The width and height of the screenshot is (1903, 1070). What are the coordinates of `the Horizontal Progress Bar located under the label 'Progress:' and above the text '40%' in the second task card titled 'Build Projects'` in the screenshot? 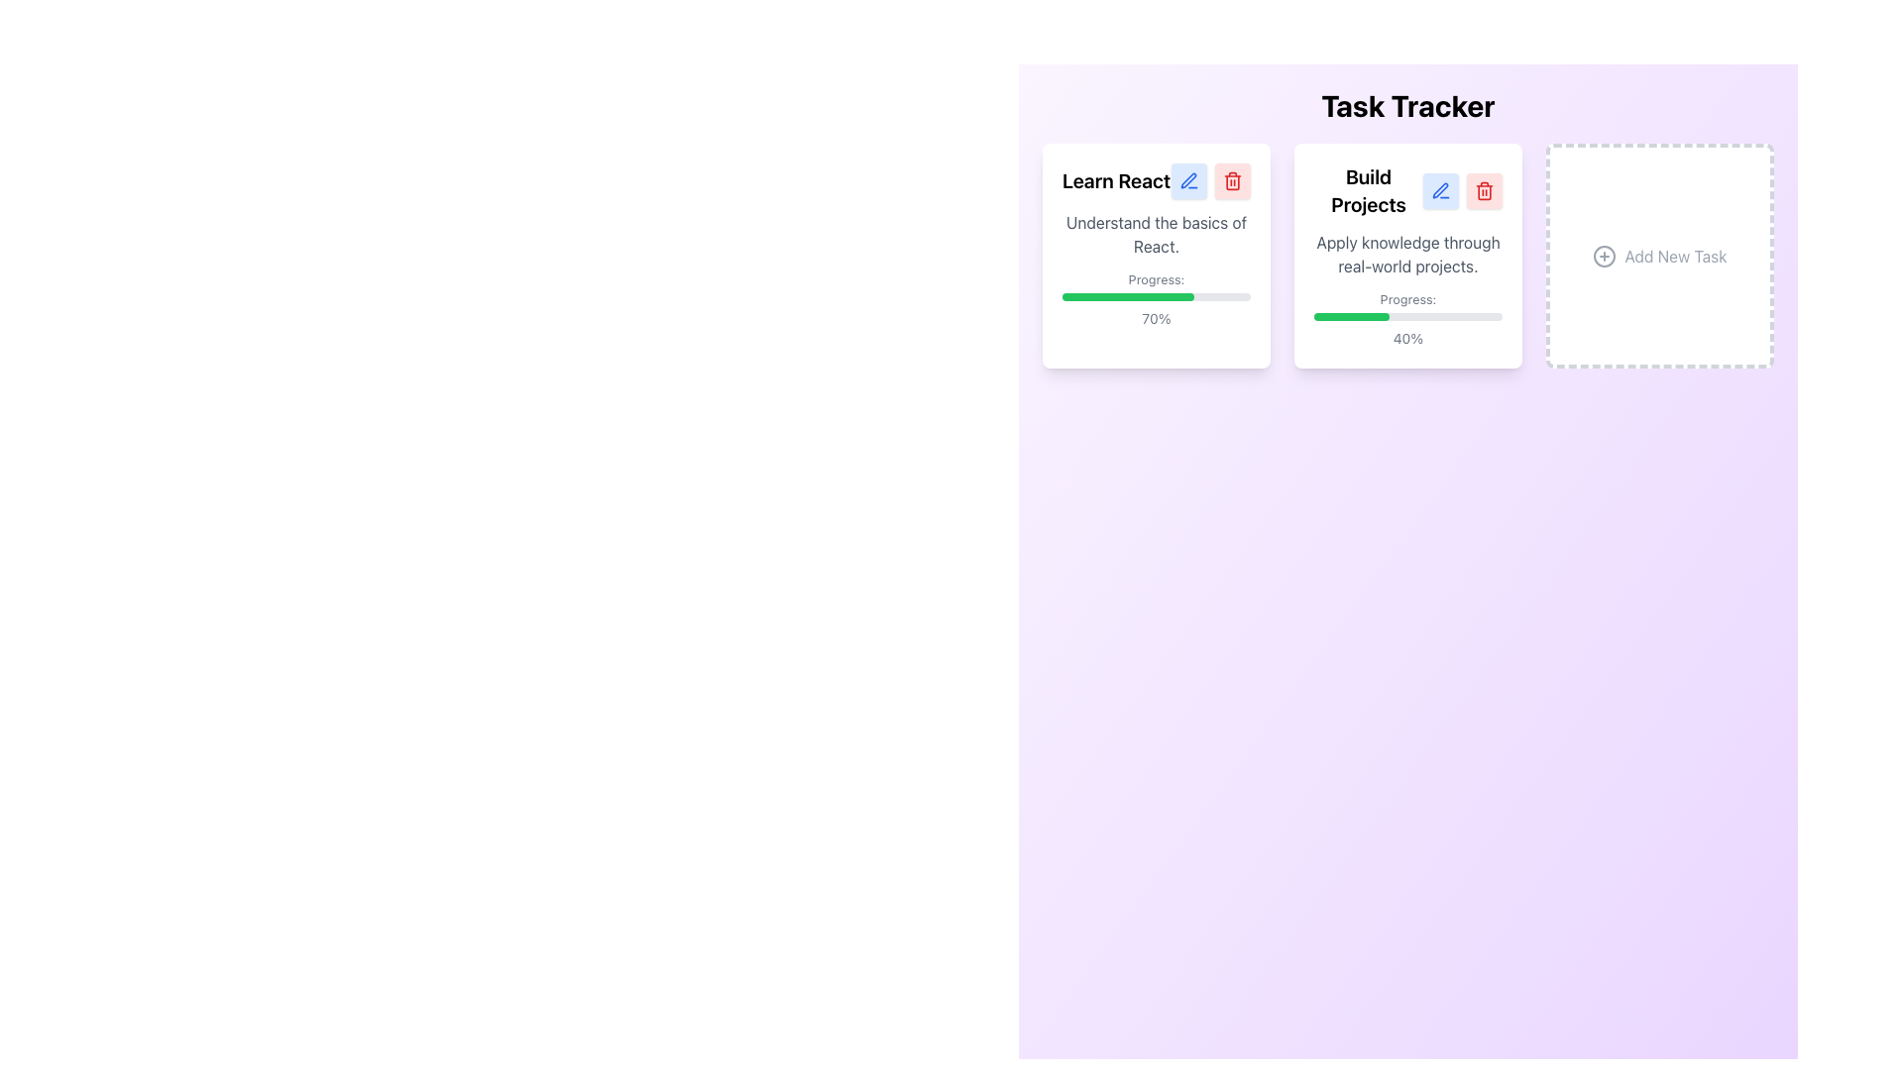 It's located at (1406, 316).